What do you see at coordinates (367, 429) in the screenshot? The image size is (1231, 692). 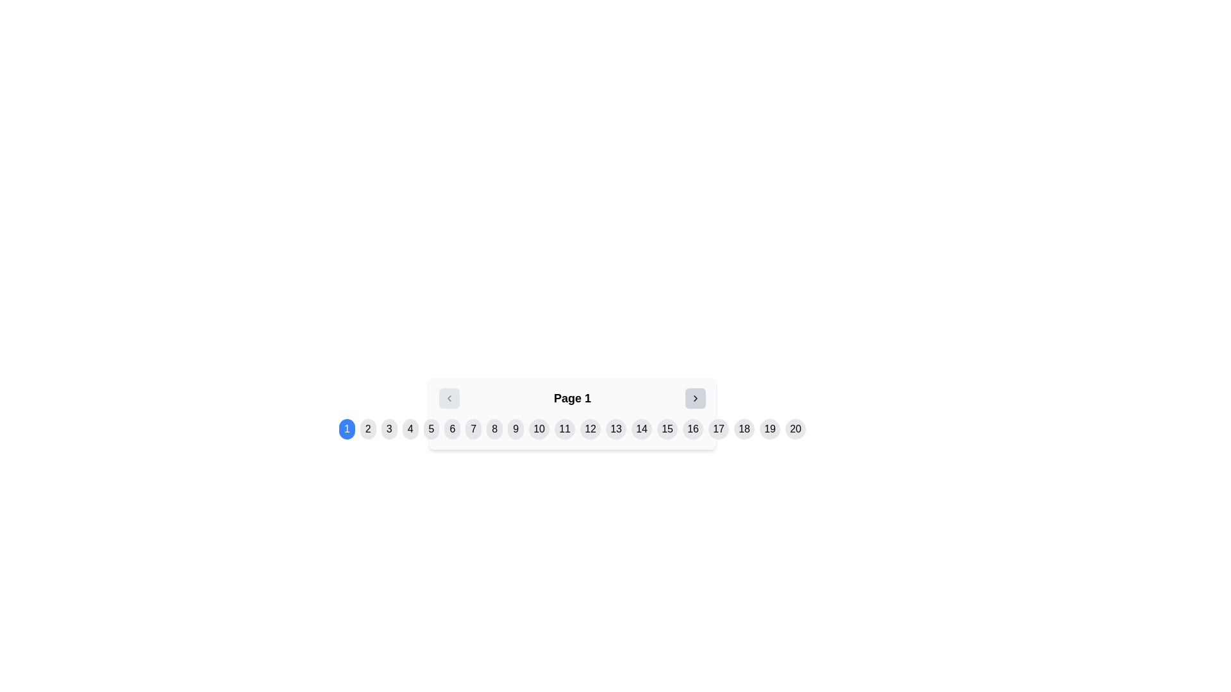 I see `the circular button with a light gray background and the number '2' in black` at bounding box center [367, 429].